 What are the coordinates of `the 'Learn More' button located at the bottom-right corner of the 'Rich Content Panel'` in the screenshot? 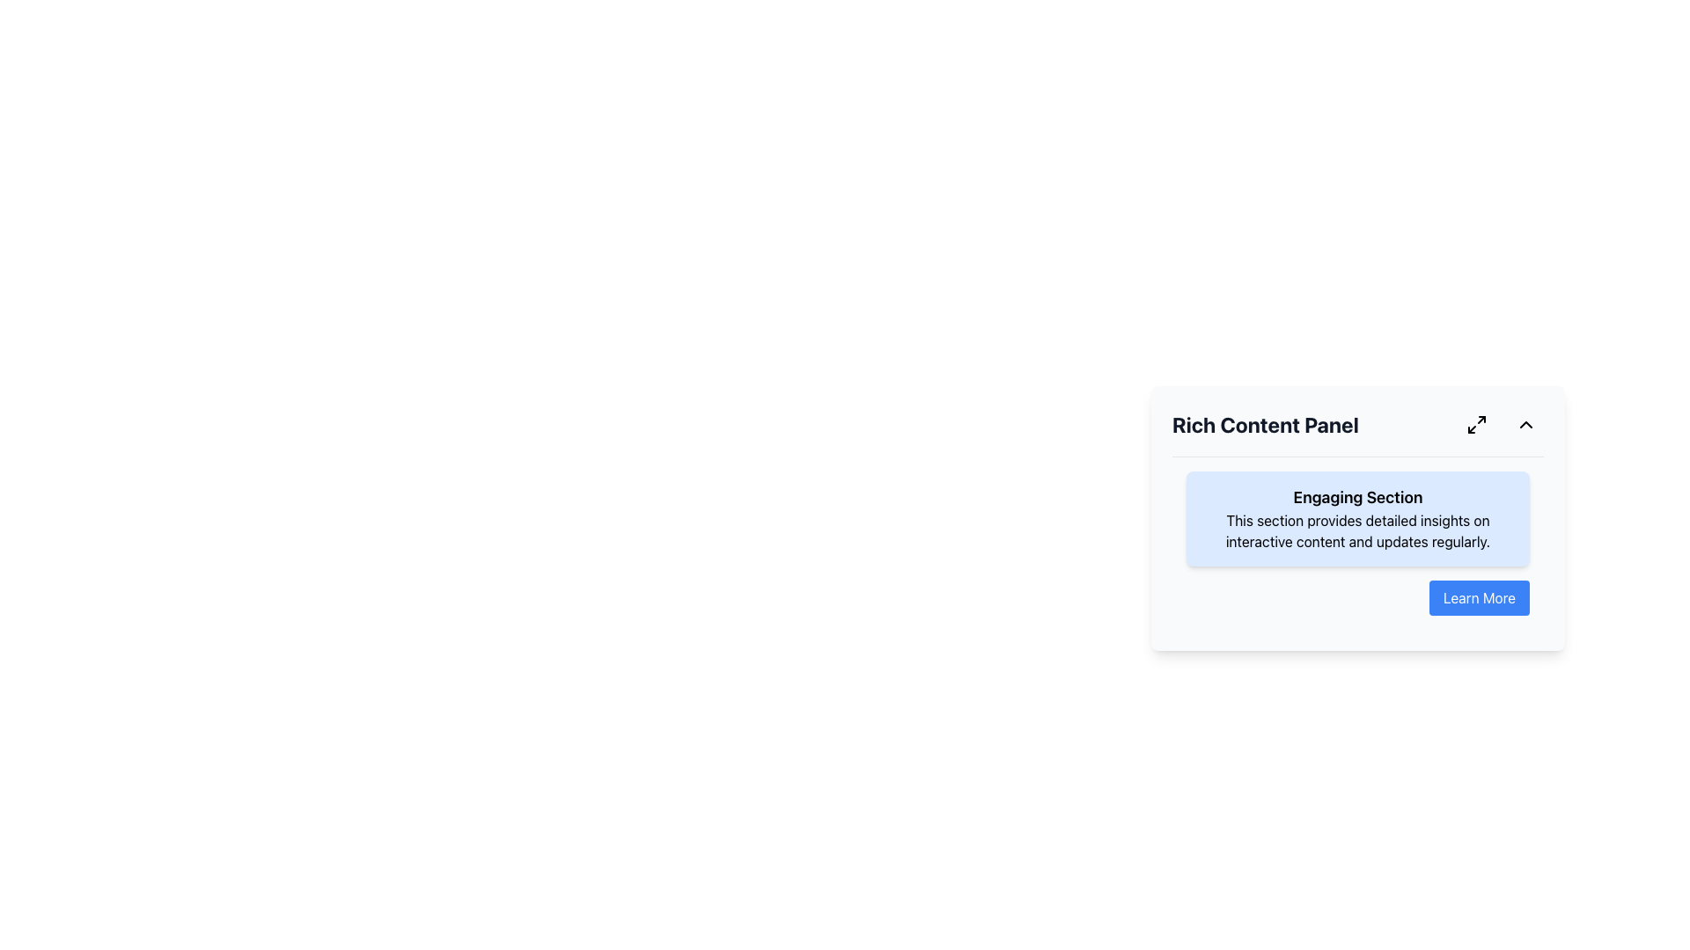 It's located at (1479, 596).